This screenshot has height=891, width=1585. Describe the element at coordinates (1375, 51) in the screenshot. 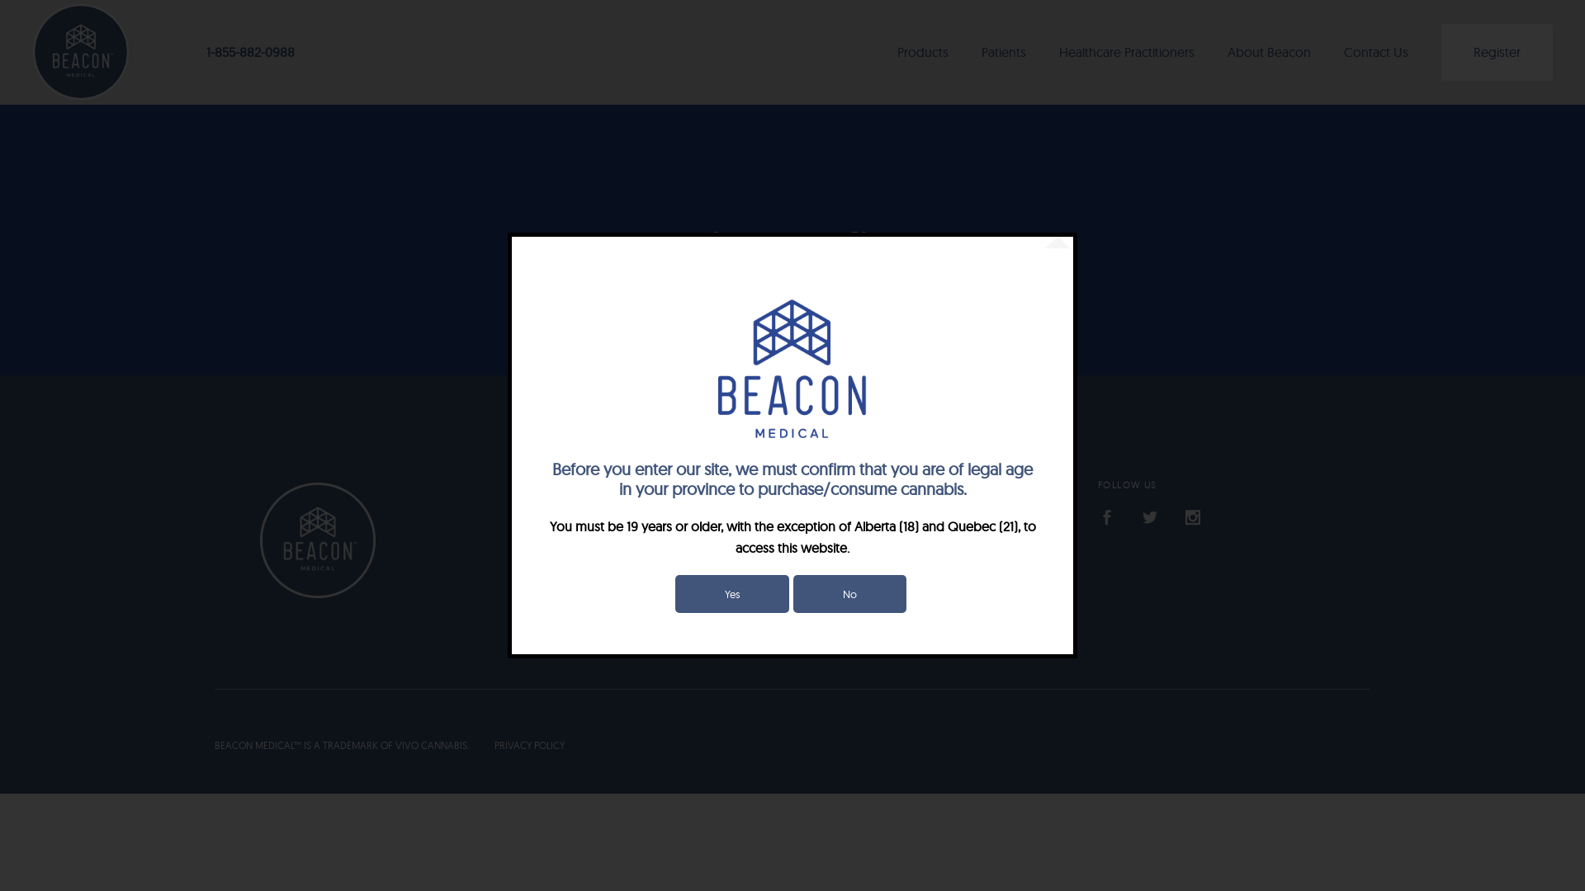

I see `'Contact Us'` at that location.